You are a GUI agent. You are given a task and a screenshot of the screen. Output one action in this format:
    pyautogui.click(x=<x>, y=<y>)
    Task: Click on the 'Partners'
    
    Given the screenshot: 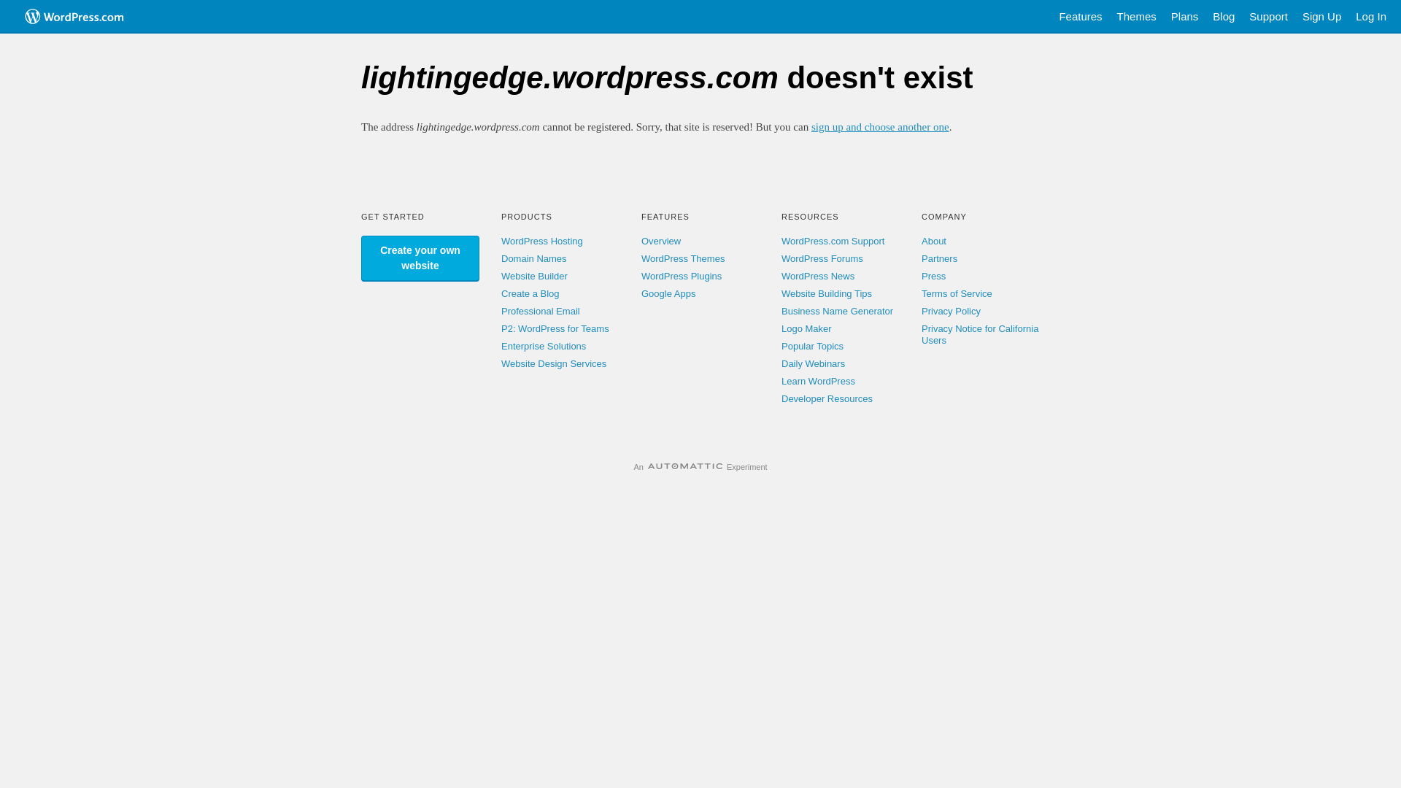 What is the action you would take?
    pyautogui.click(x=939, y=258)
    